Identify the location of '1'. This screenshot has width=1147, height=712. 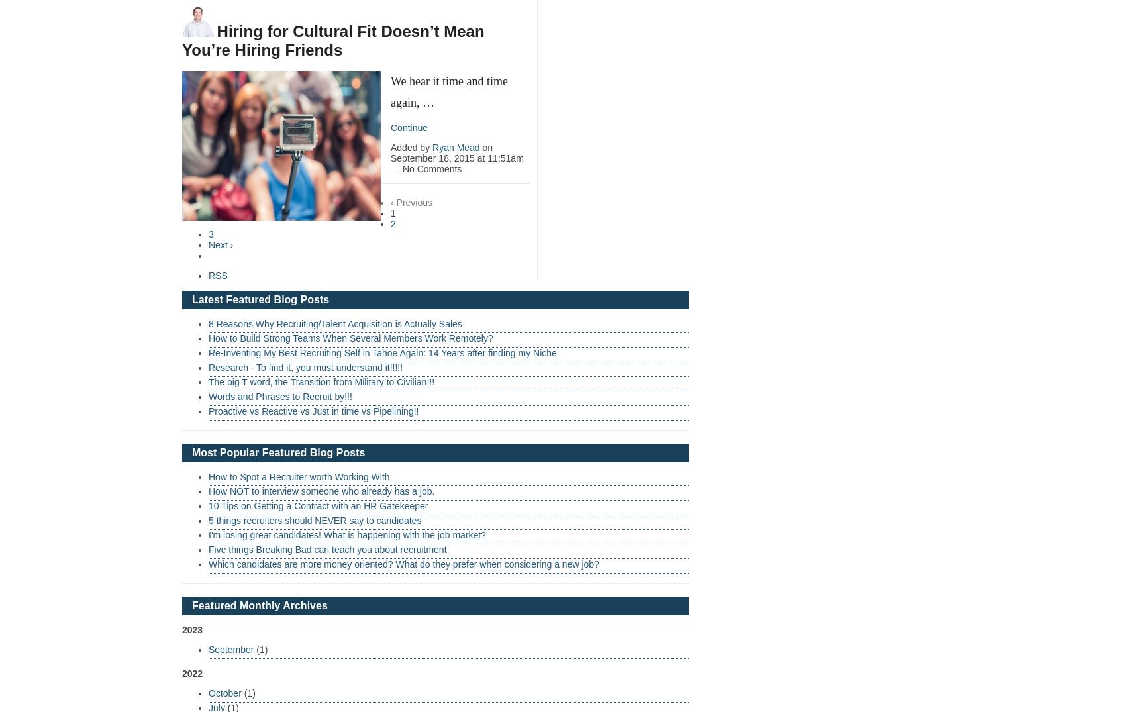
(393, 211).